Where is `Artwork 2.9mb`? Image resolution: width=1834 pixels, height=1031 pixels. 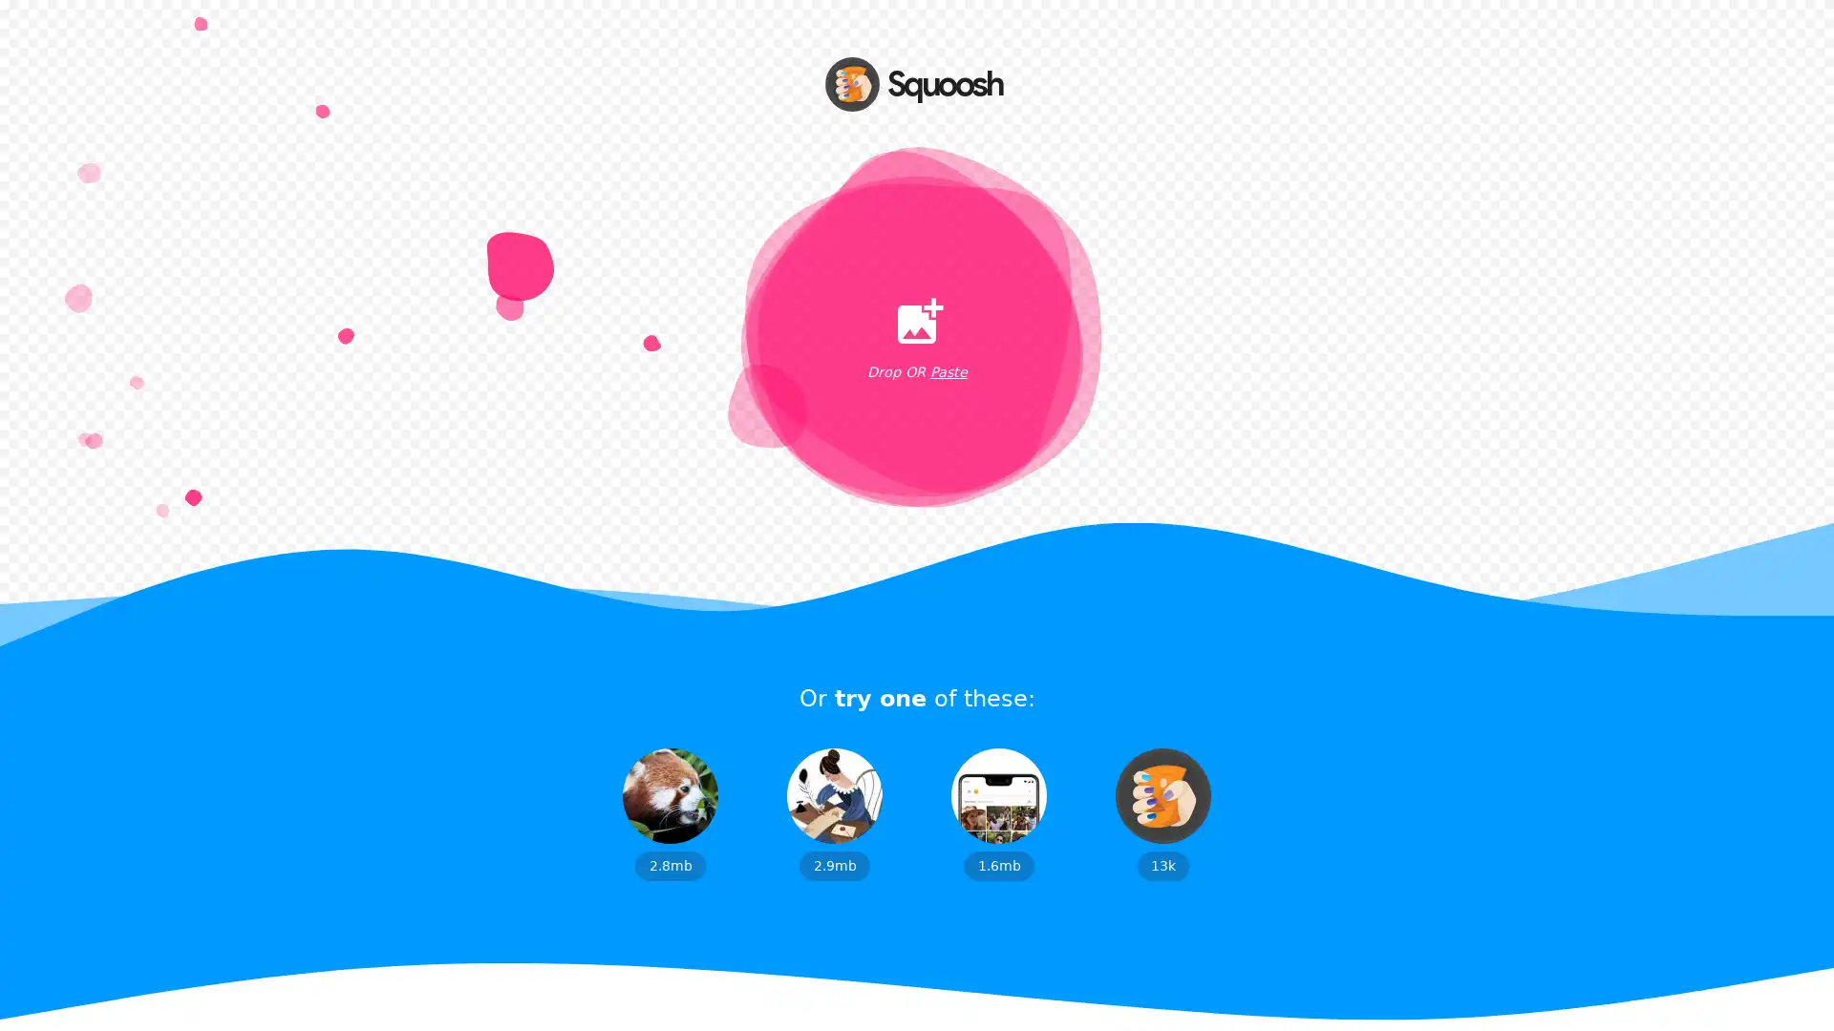
Artwork 2.9mb is located at coordinates (834, 813).